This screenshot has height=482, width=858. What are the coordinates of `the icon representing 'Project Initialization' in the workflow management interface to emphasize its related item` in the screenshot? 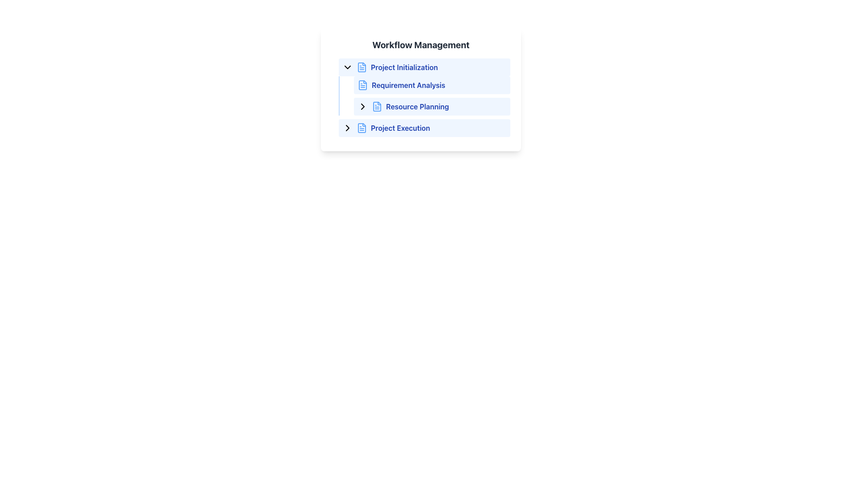 It's located at (362, 66).